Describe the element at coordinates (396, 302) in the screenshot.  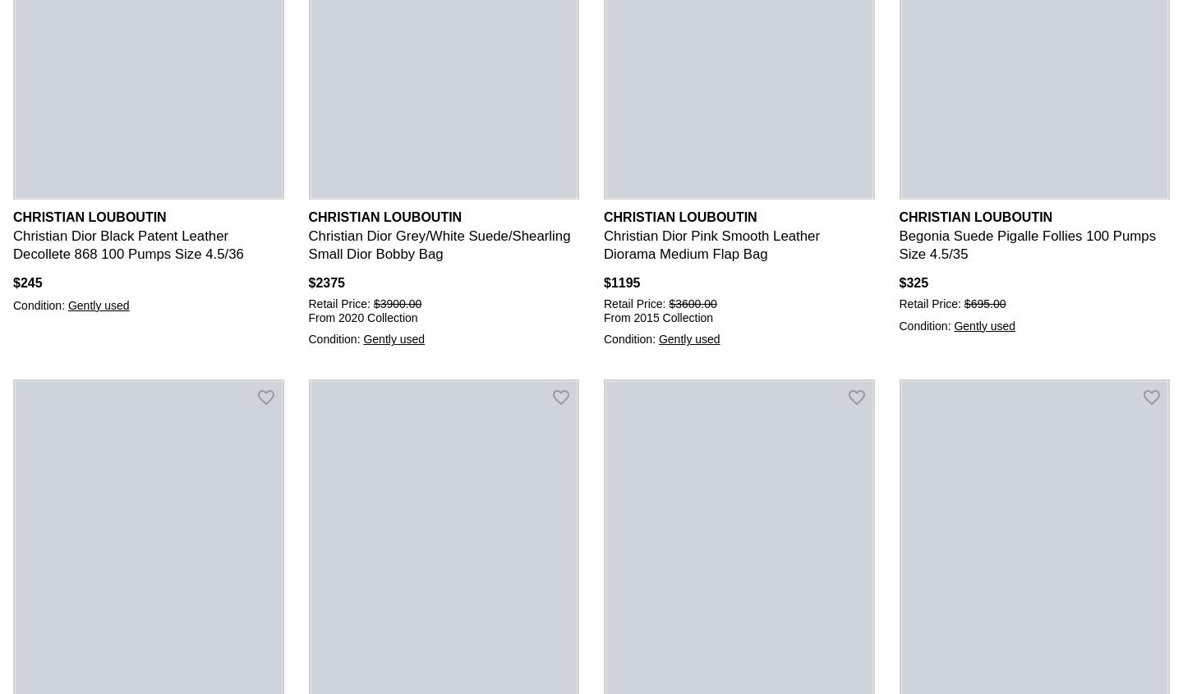
I see `'$3900.00'` at that location.